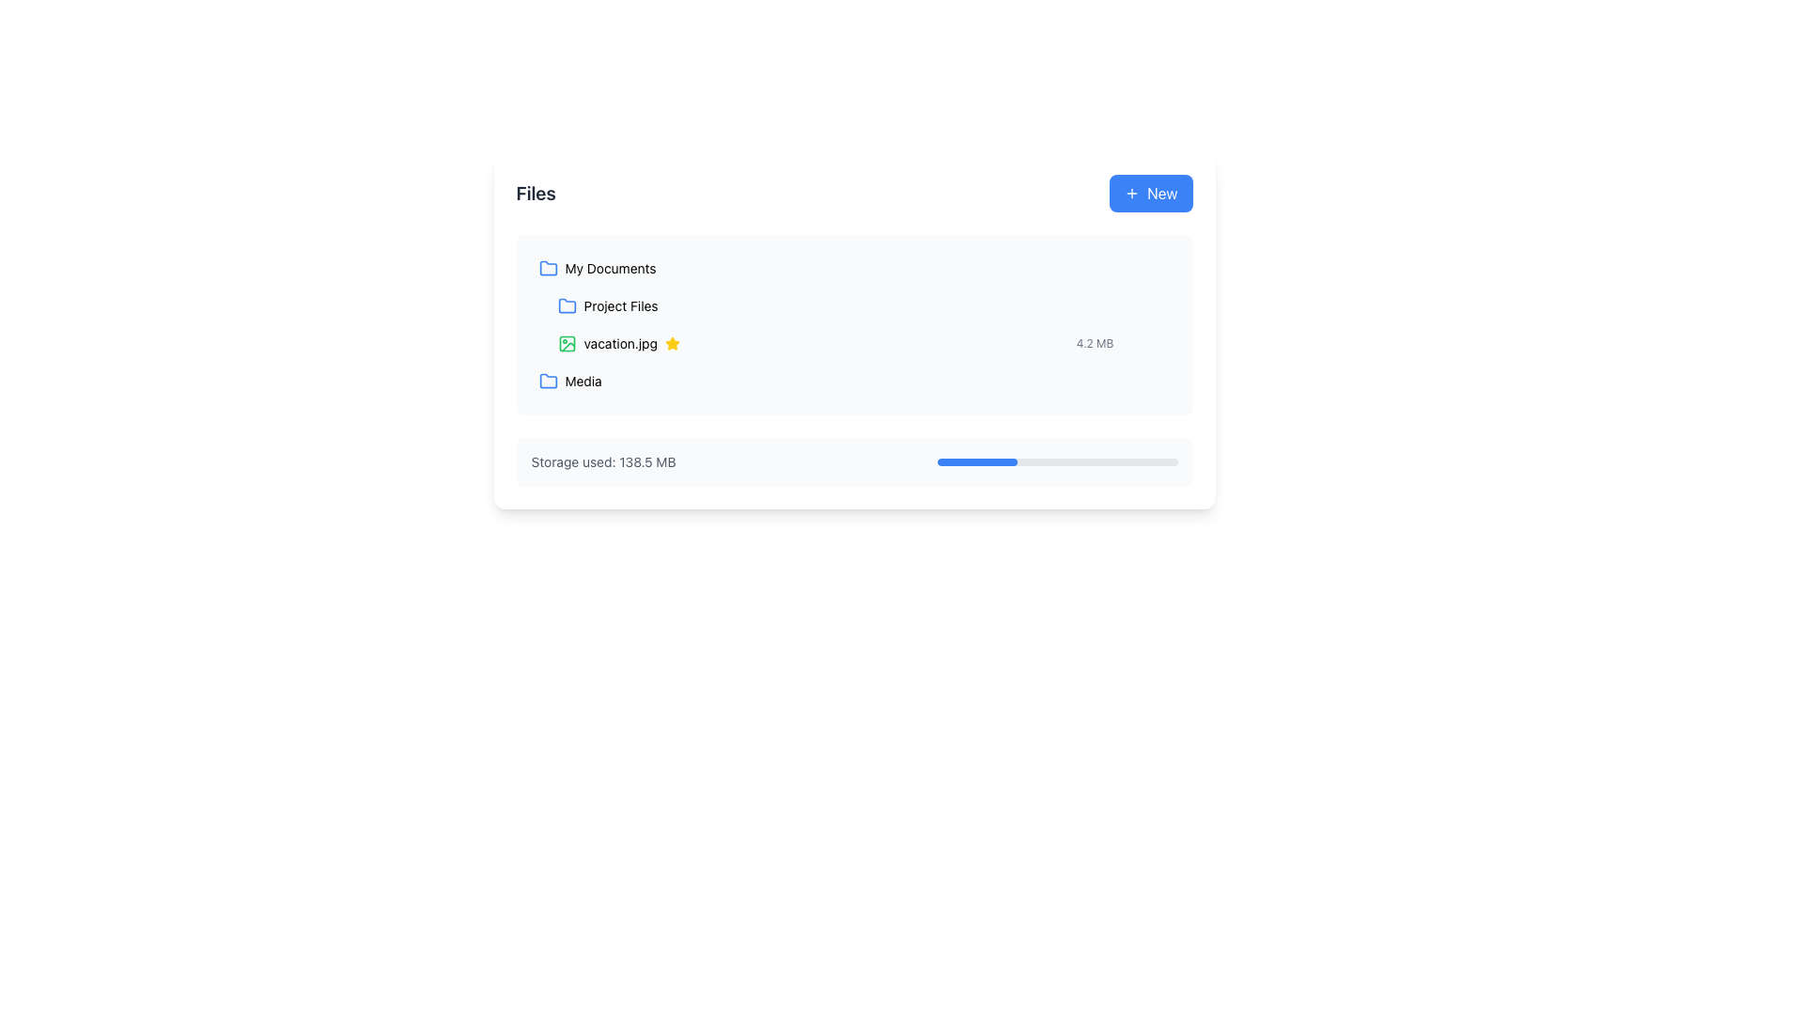  Describe the element at coordinates (583, 381) in the screenshot. I see `the 'Media' text label, which is styled with a small font-size and is positioned next to a blue tinted folder icon in the file management interface` at that location.